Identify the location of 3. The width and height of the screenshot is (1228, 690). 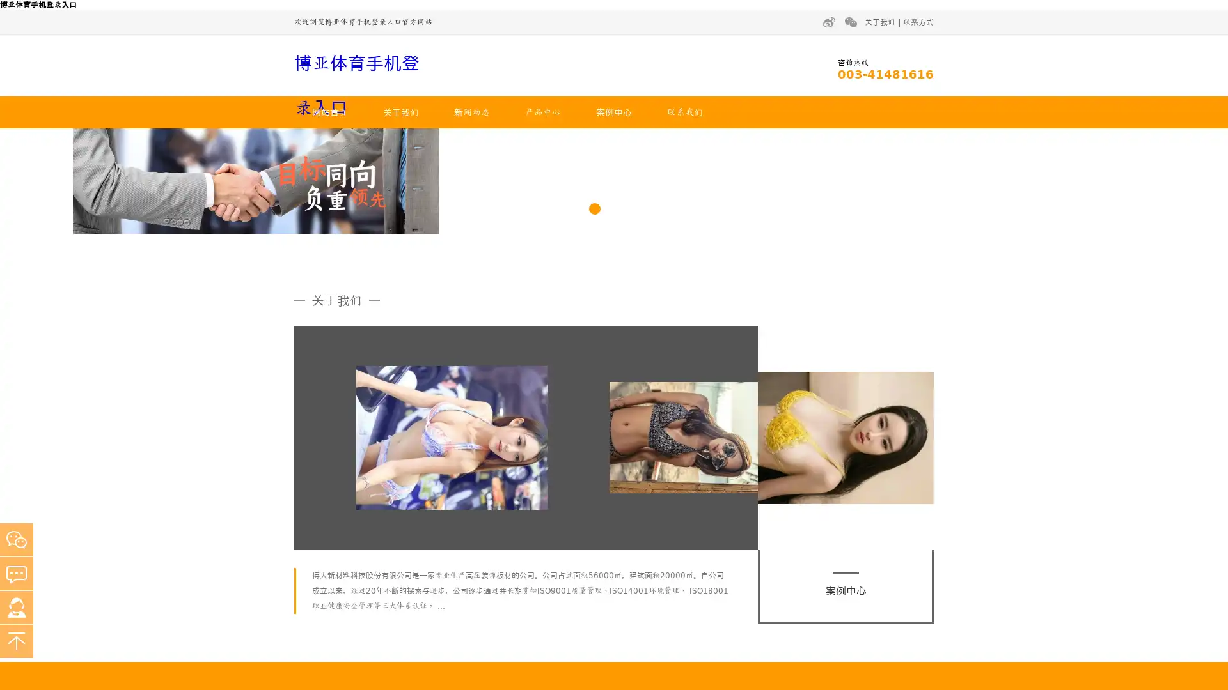
(633, 355).